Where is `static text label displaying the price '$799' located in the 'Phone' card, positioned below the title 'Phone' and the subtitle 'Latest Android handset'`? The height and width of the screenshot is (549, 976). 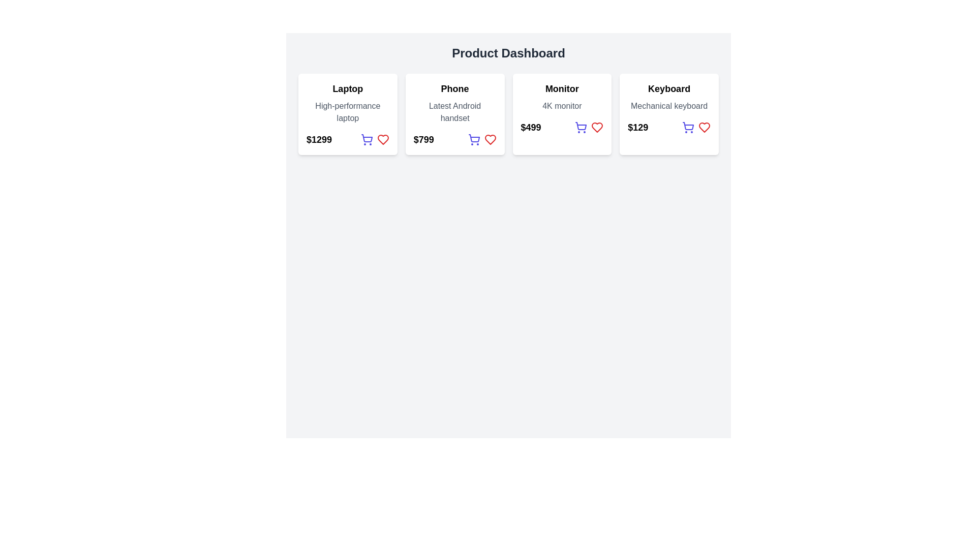 static text label displaying the price '$799' located in the 'Phone' card, positioned below the title 'Phone' and the subtitle 'Latest Android handset' is located at coordinates (423, 139).